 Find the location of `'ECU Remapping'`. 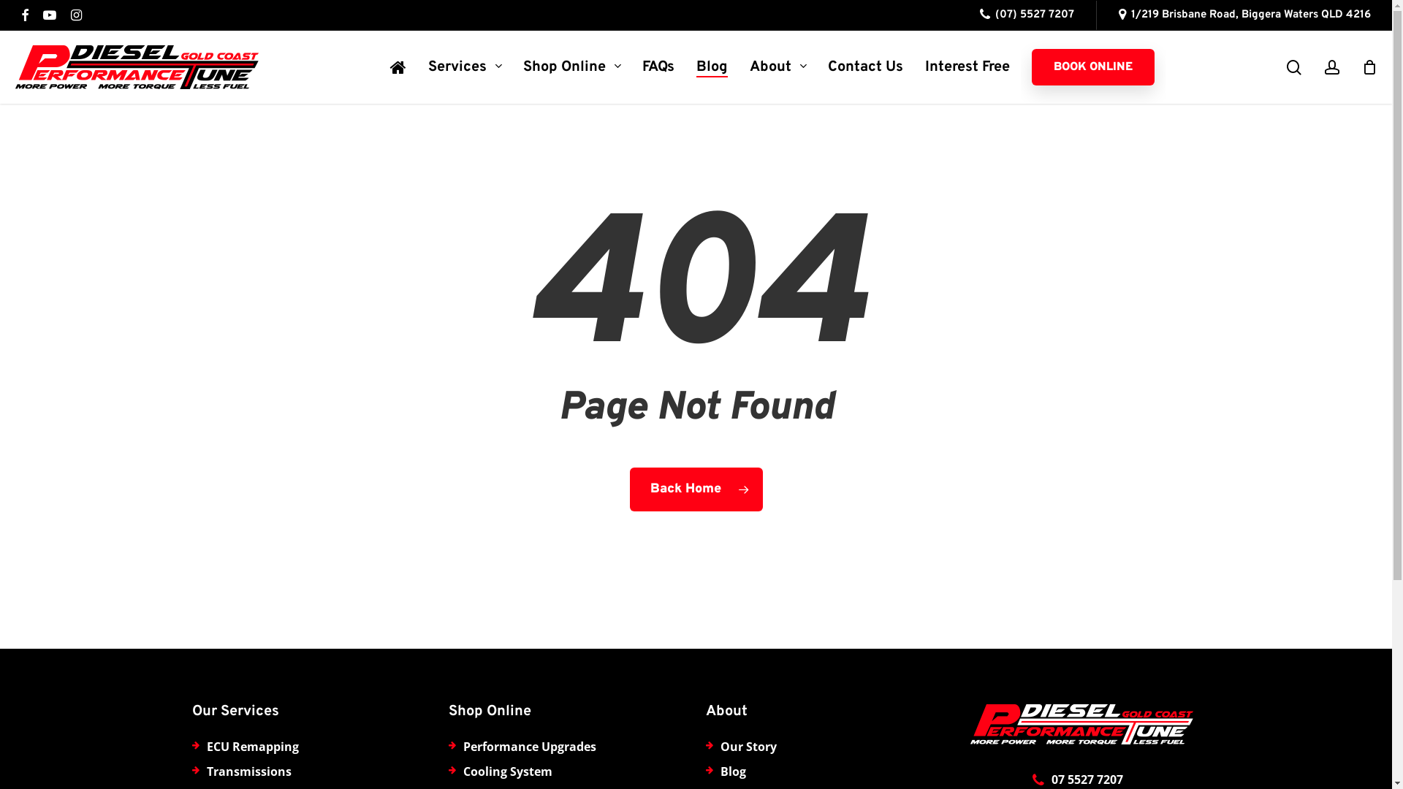

'ECU Remapping' is located at coordinates (252, 747).